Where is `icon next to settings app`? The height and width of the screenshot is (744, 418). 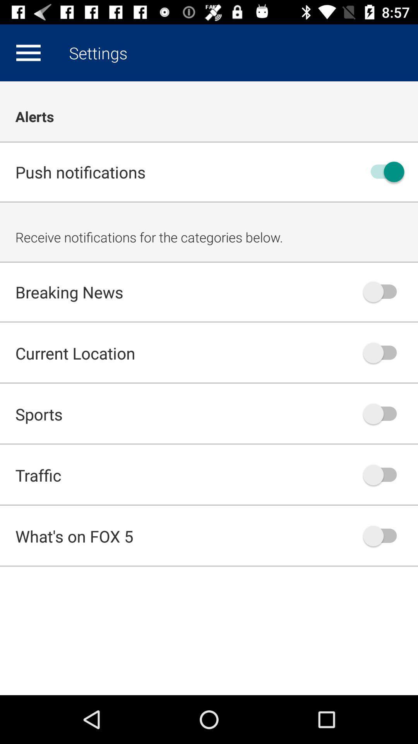
icon next to settings app is located at coordinates (28, 52).